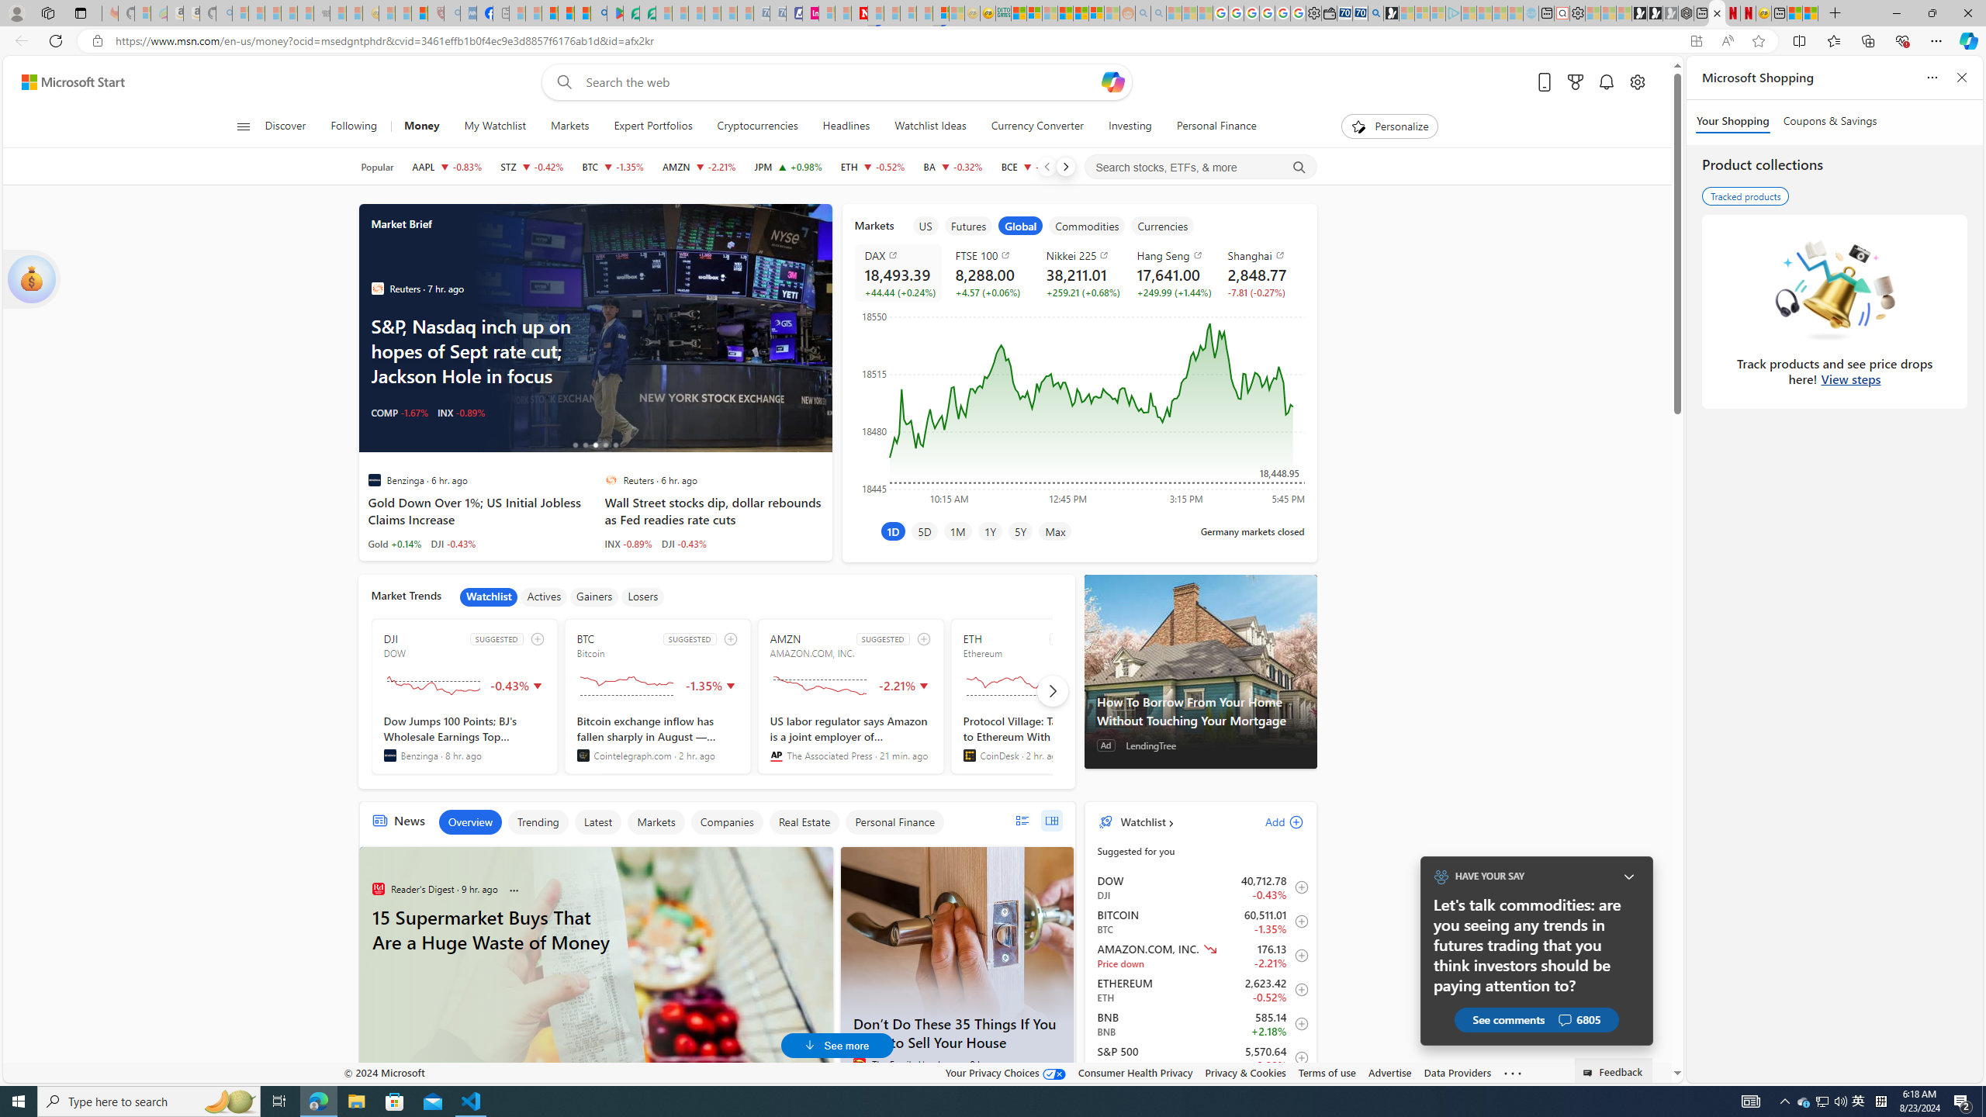  Describe the element at coordinates (389, 755) in the screenshot. I see `'Benzinga'` at that location.